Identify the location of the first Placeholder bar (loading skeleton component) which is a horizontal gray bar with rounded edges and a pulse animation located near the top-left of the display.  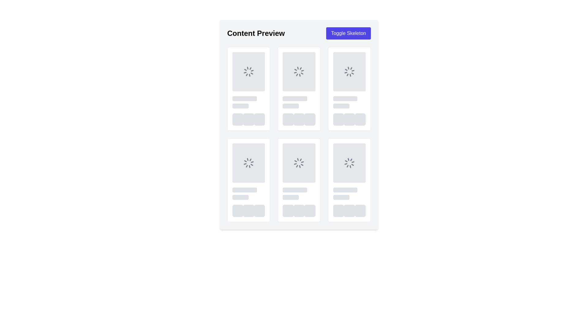
(244, 98).